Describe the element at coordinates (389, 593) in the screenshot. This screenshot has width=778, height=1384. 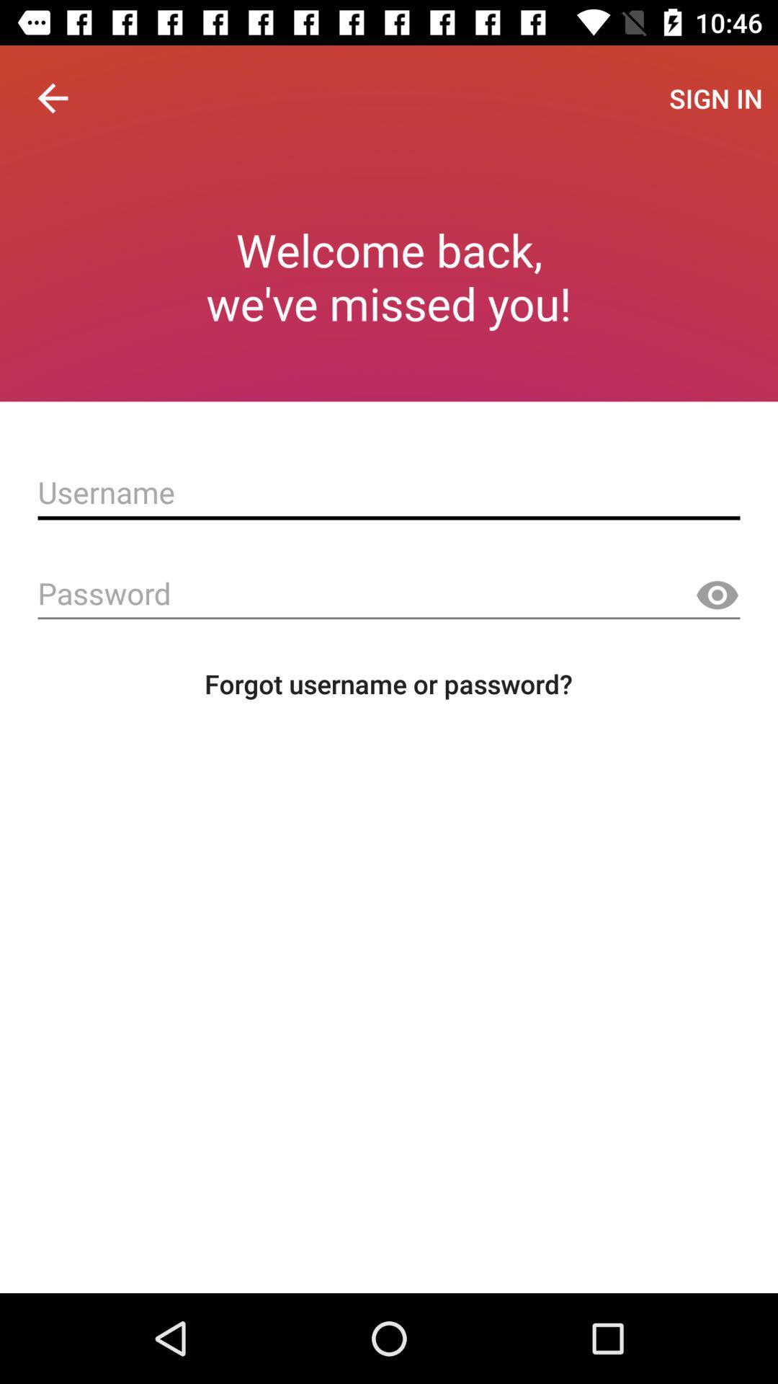
I see `ask the password` at that location.